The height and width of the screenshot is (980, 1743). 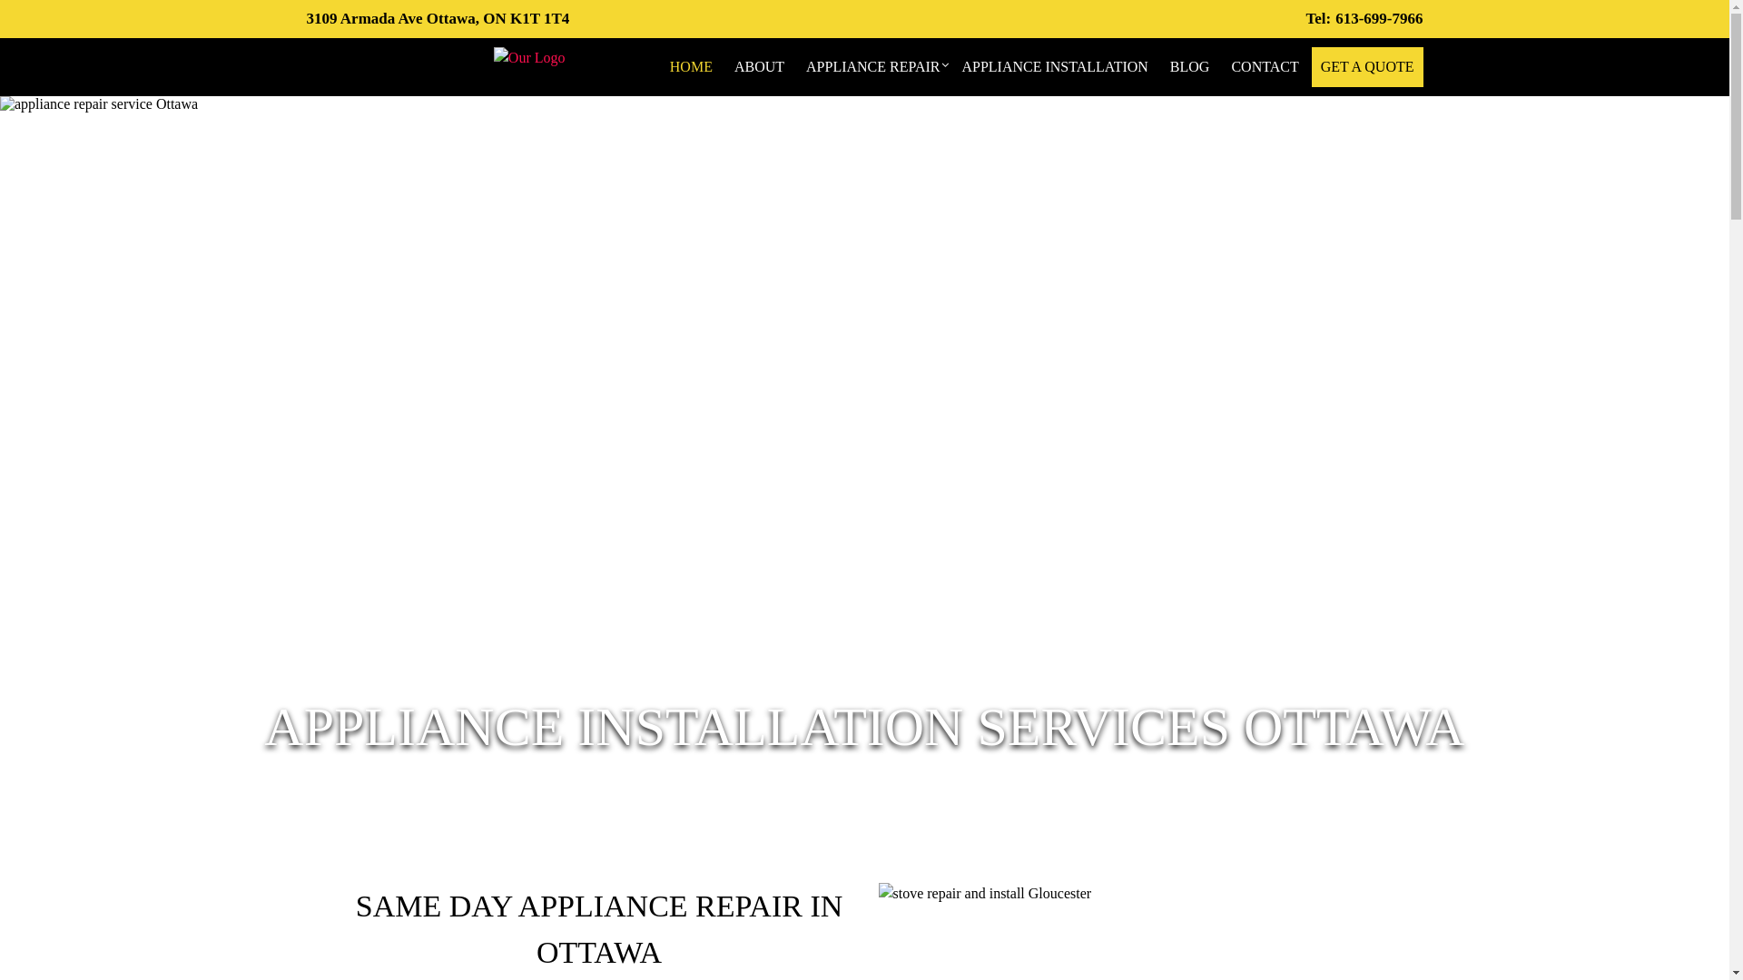 I want to click on 'CONTACT', so click(x=1263, y=65).